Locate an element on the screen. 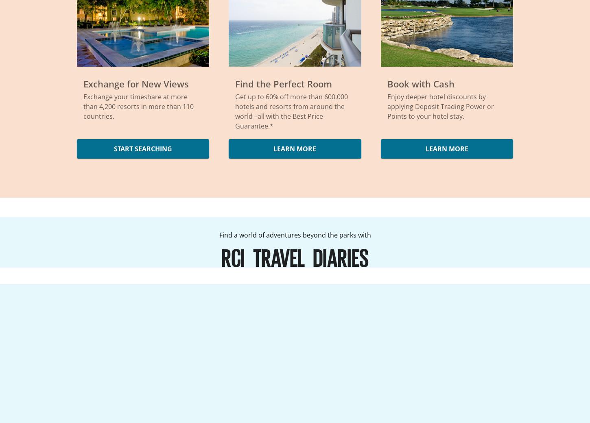 This screenshot has width=590, height=423. 'Enjoy deeper hotel discounts by applying Deposit Trading Power or Points to your hotel stay.' is located at coordinates (440, 106).